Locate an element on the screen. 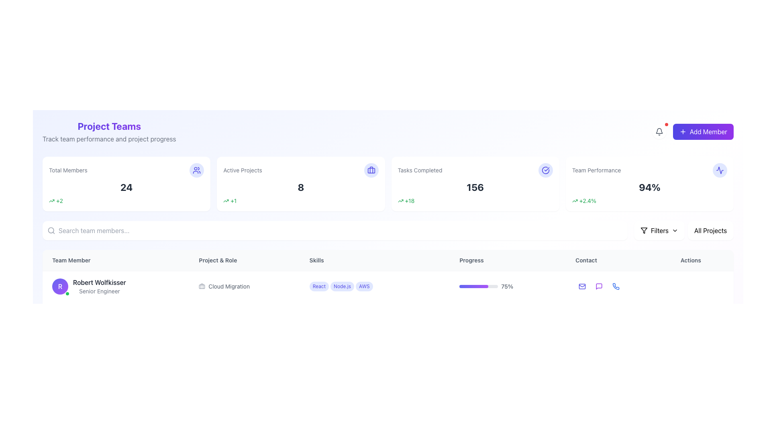 This screenshot has width=771, height=434. the email icon located in the 'Contact' column of the first row of the team members table to initiate an email communication is located at coordinates (582, 286).